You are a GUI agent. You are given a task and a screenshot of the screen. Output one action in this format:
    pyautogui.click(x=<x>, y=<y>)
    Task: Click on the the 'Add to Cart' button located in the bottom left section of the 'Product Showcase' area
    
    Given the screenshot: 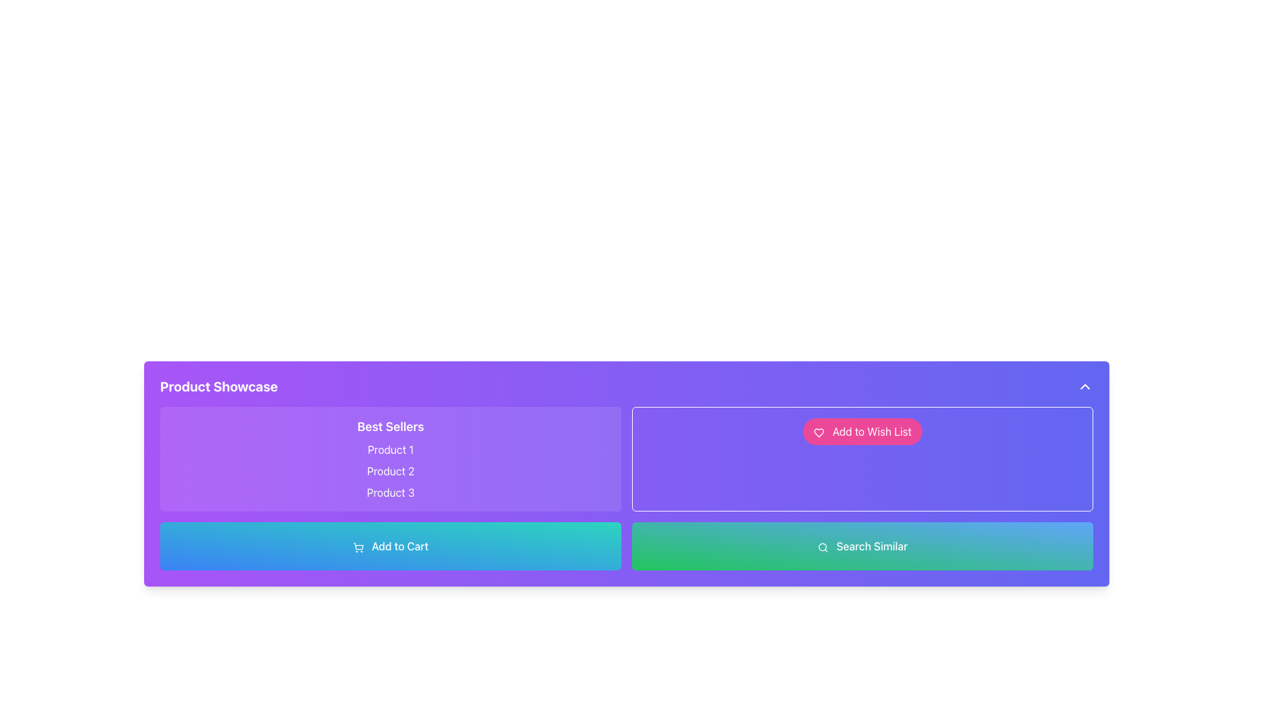 What is the action you would take?
    pyautogui.click(x=389, y=546)
    